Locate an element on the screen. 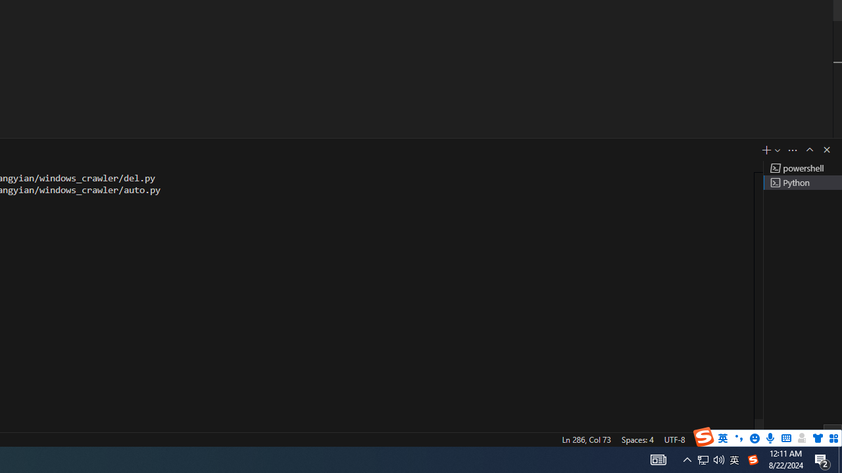  'UTF-8' is located at coordinates (674, 439).